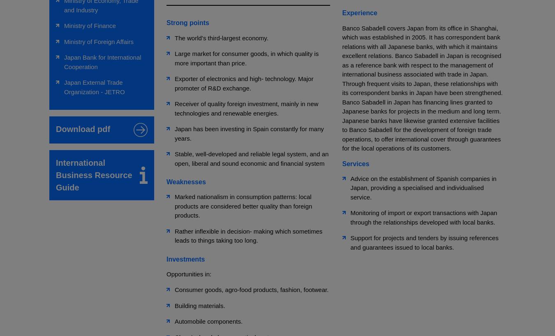 The height and width of the screenshot is (336, 555). I want to click on 'Strong points', so click(187, 22).